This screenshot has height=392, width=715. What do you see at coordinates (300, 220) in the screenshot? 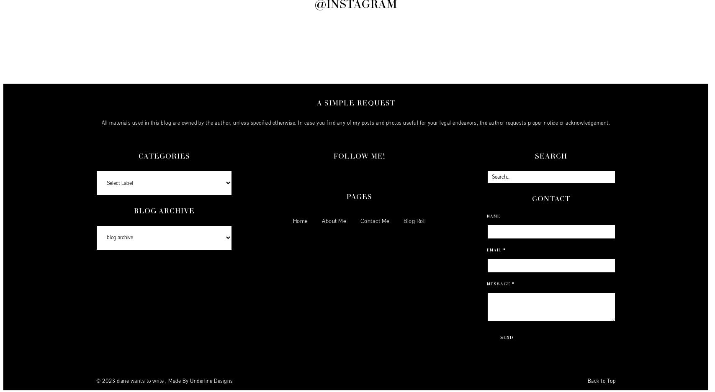
I see `'Home'` at bounding box center [300, 220].